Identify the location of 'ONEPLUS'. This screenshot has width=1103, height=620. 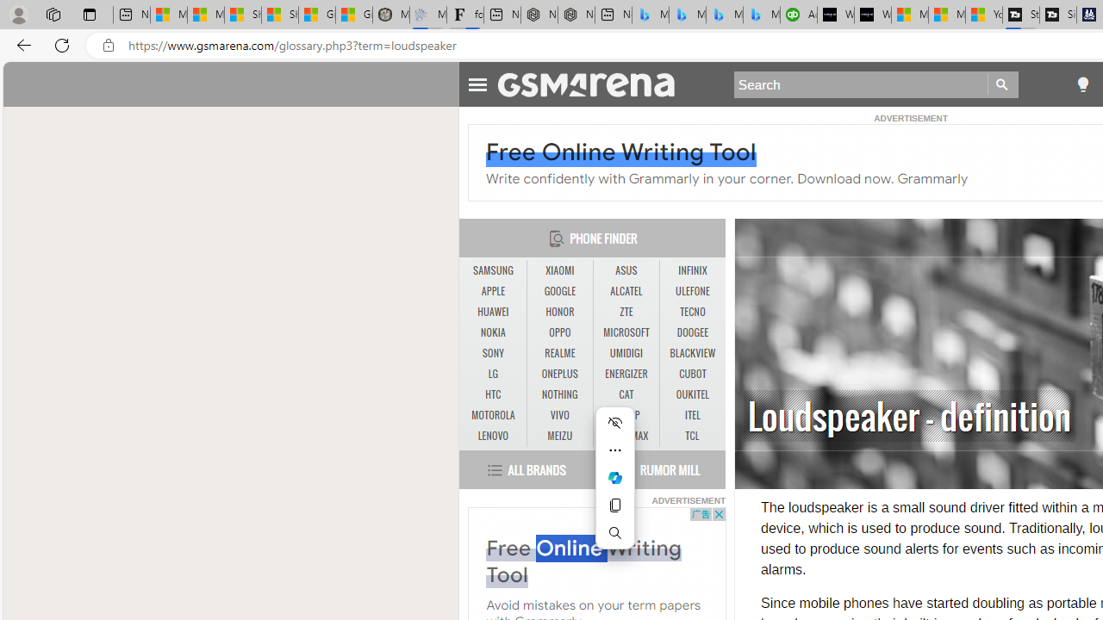
(559, 373).